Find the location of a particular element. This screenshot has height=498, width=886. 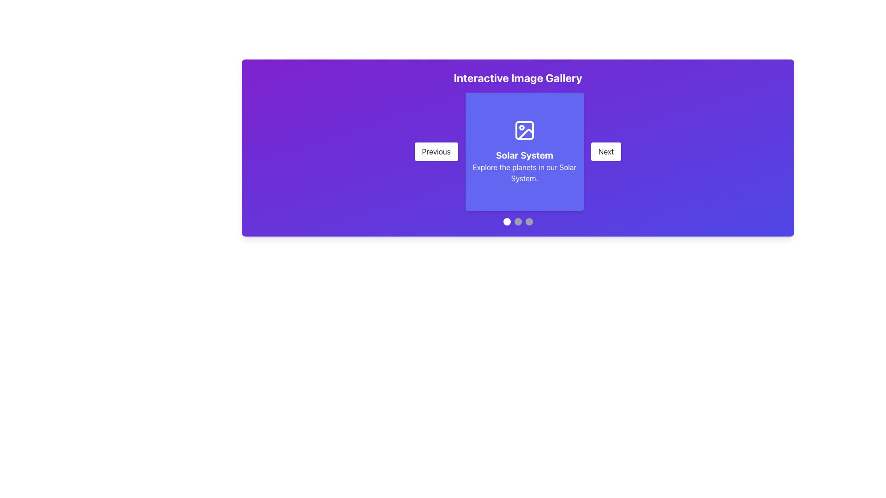

the decorative icon representing imagery or media-related content for the 'Solar System' card, located at the center of the card section above the text 'Solar System.' is located at coordinates (524, 130).